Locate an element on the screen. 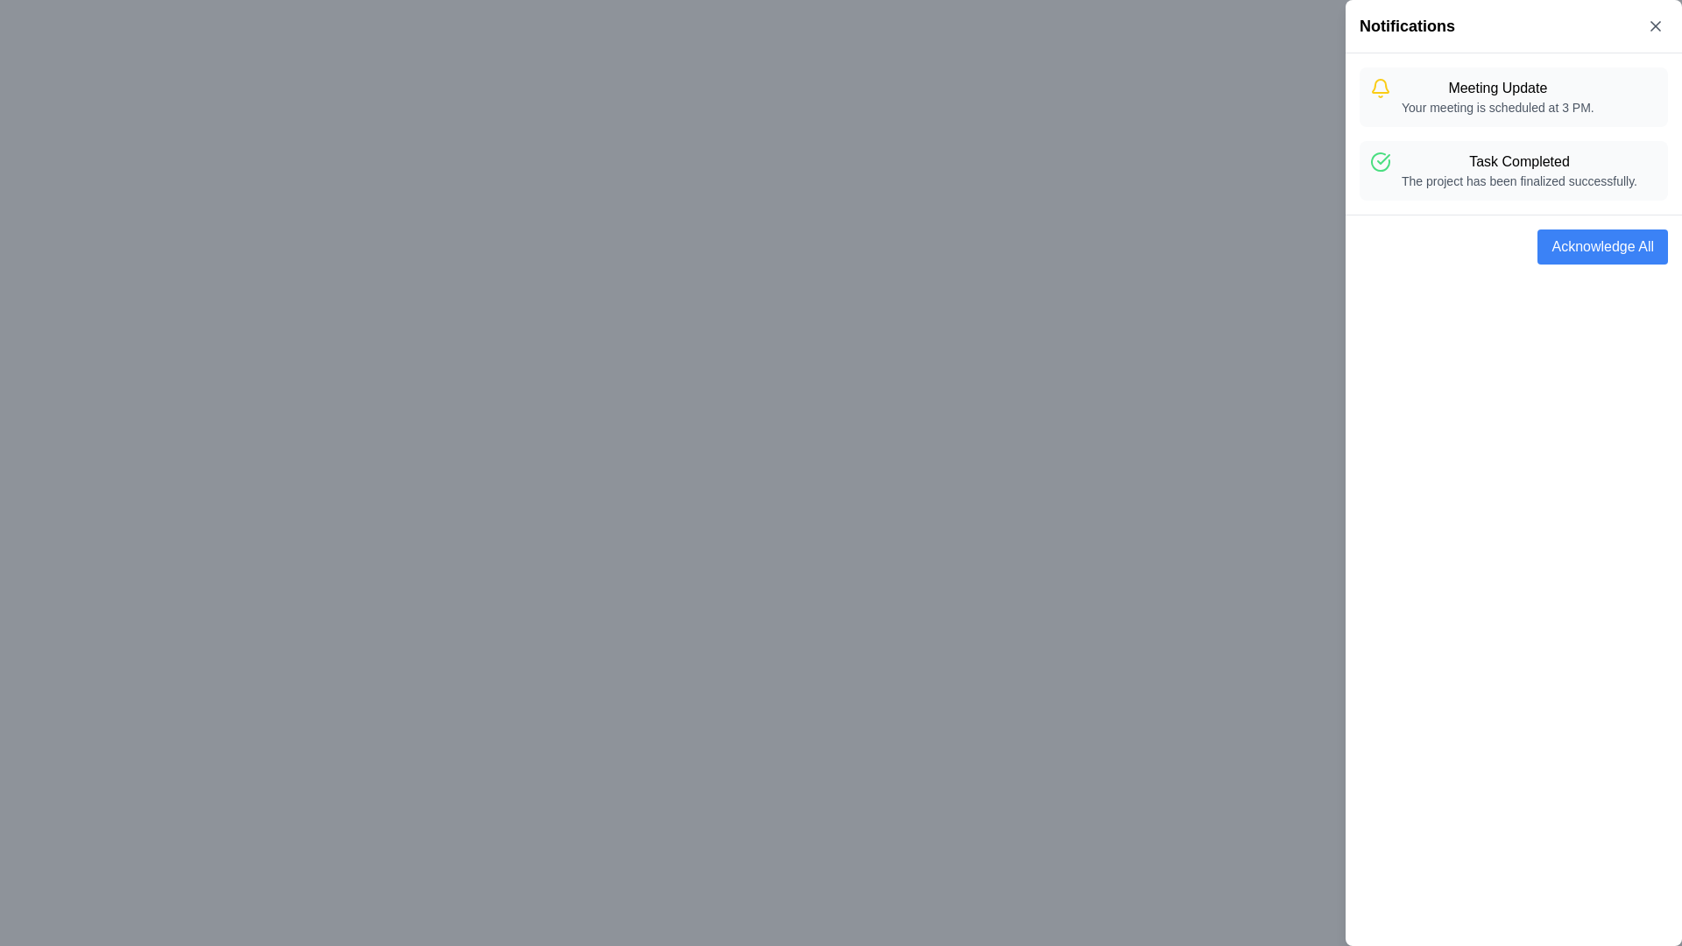 This screenshot has width=1682, height=946. the Text Label element that provides supplementary information about the completed task, located directly below the 'Task Completed' title in the notifications panel is located at coordinates (1518, 181).